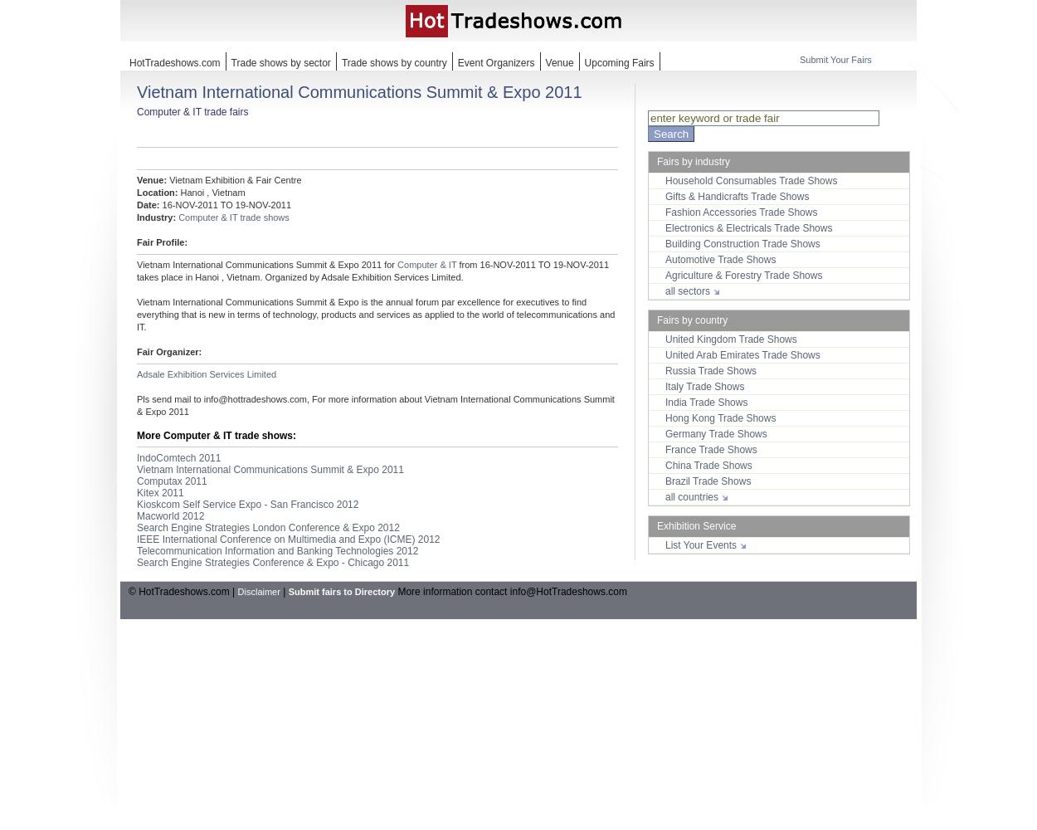  Describe the element at coordinates (191, 112) in the screenshot. I see `'Computer & IT trade fairs'` at that location.